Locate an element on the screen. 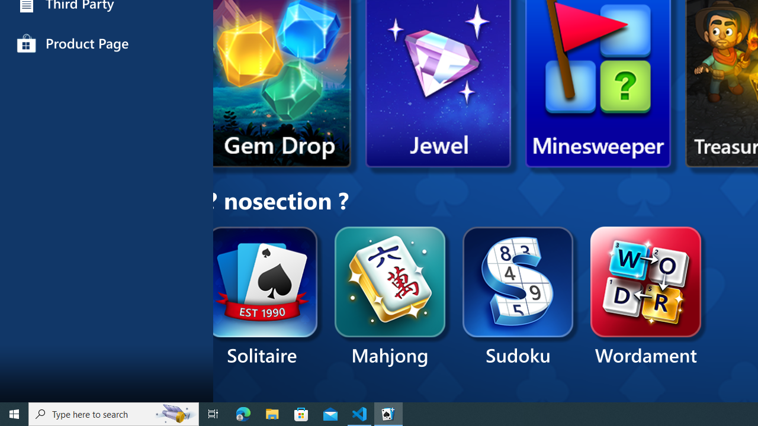 The width and height of the screenshot is (758, 426). 'Product Page' is located at coordinates (106, 43).